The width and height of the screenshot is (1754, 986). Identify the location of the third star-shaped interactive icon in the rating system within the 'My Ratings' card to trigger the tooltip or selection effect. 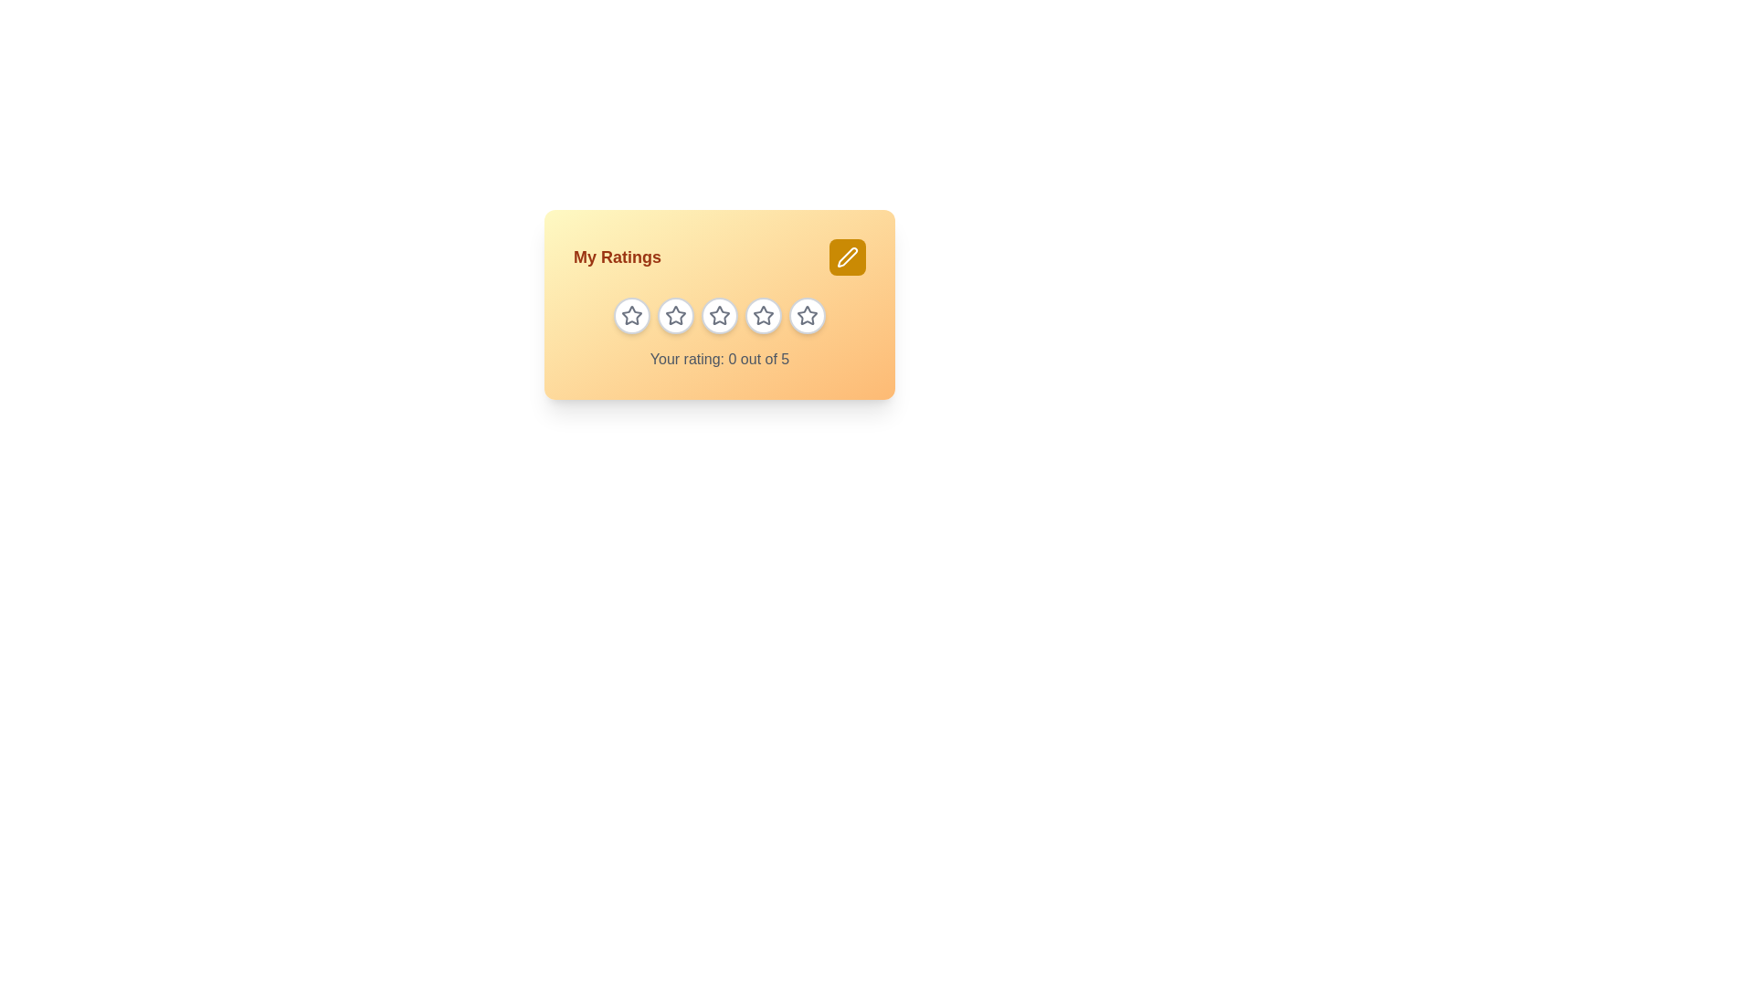
(718, 314).